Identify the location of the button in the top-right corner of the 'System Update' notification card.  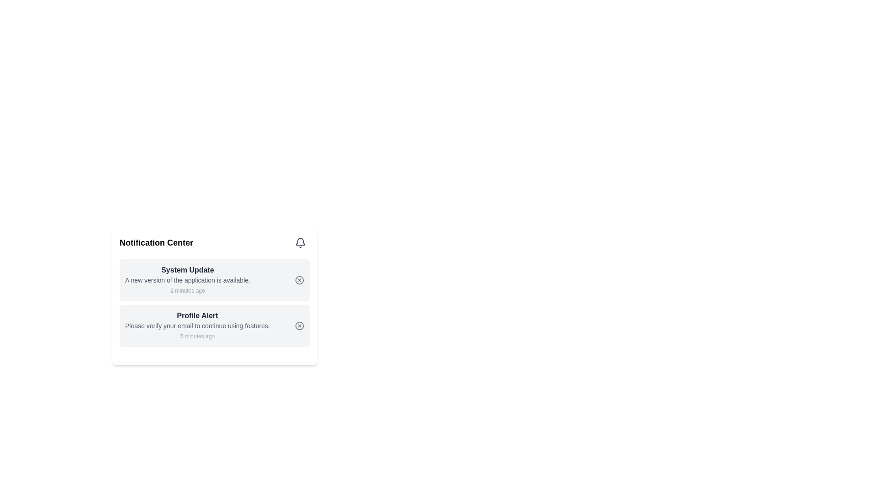
(300, 279).